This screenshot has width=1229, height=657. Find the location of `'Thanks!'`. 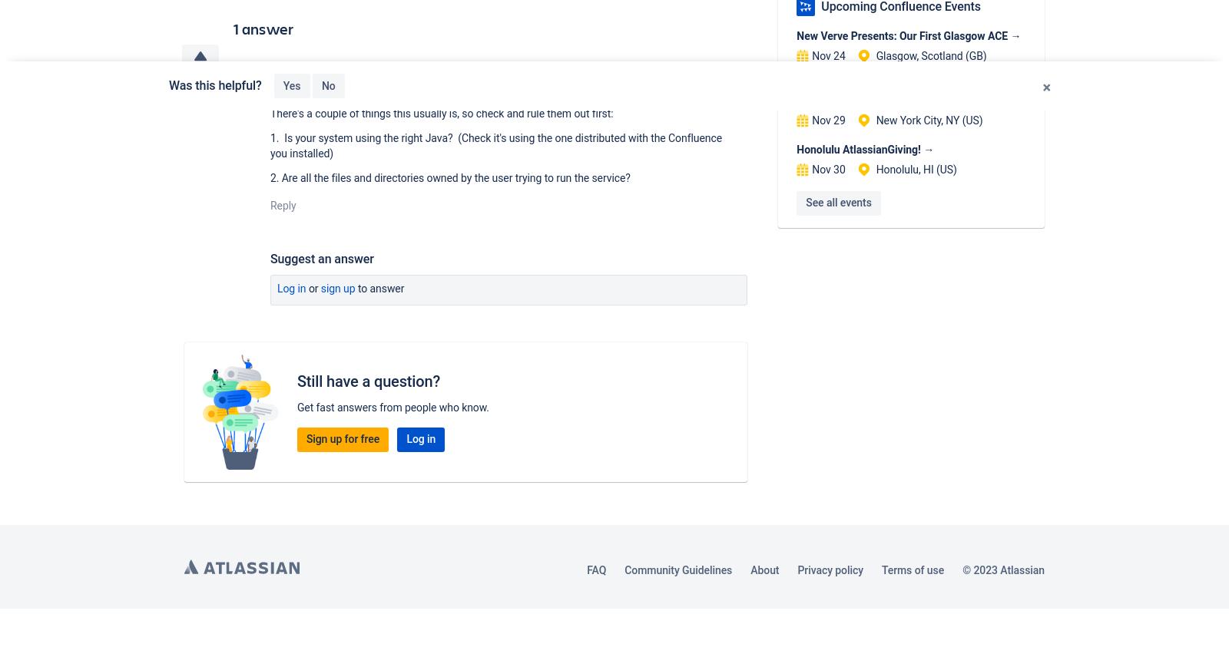

'Thanks!' is located at coordinates (340, 84).